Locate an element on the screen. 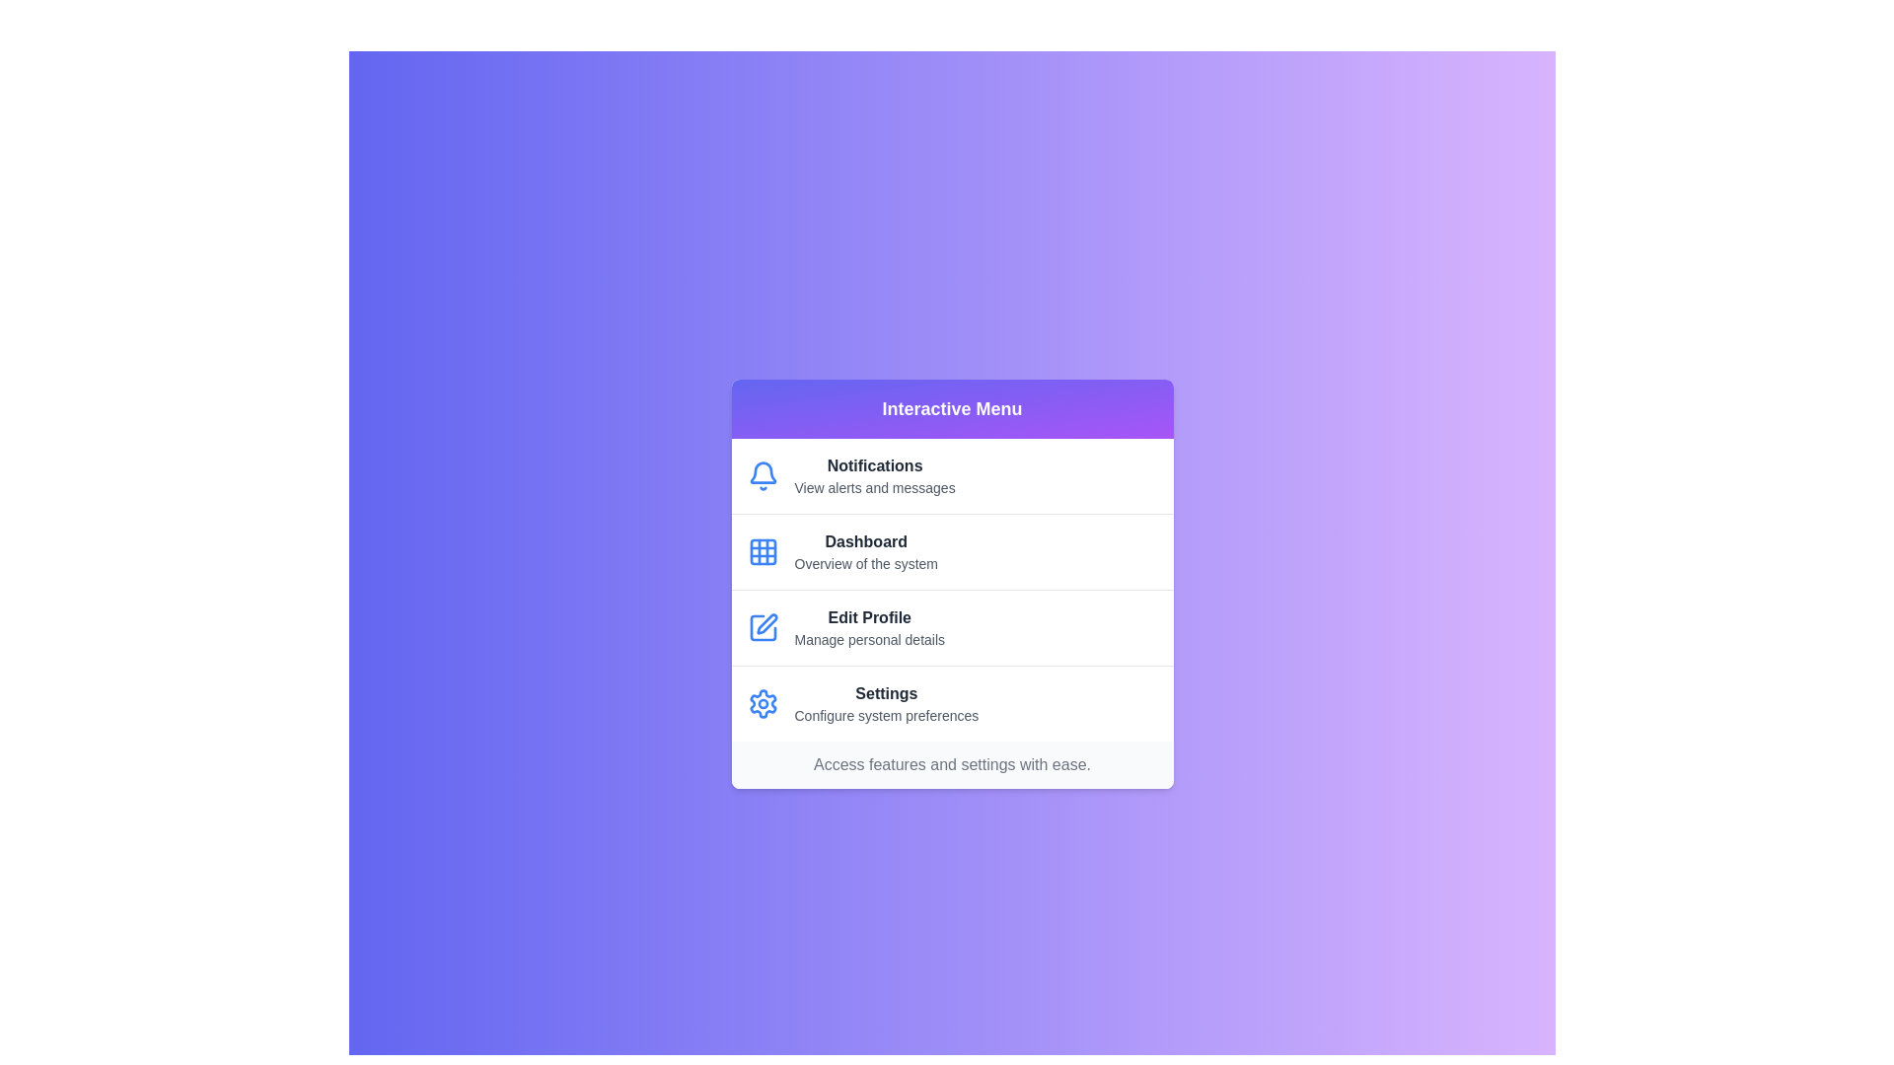  the menu item corresponding to Edit Profile is located at coordinates (952, 627).